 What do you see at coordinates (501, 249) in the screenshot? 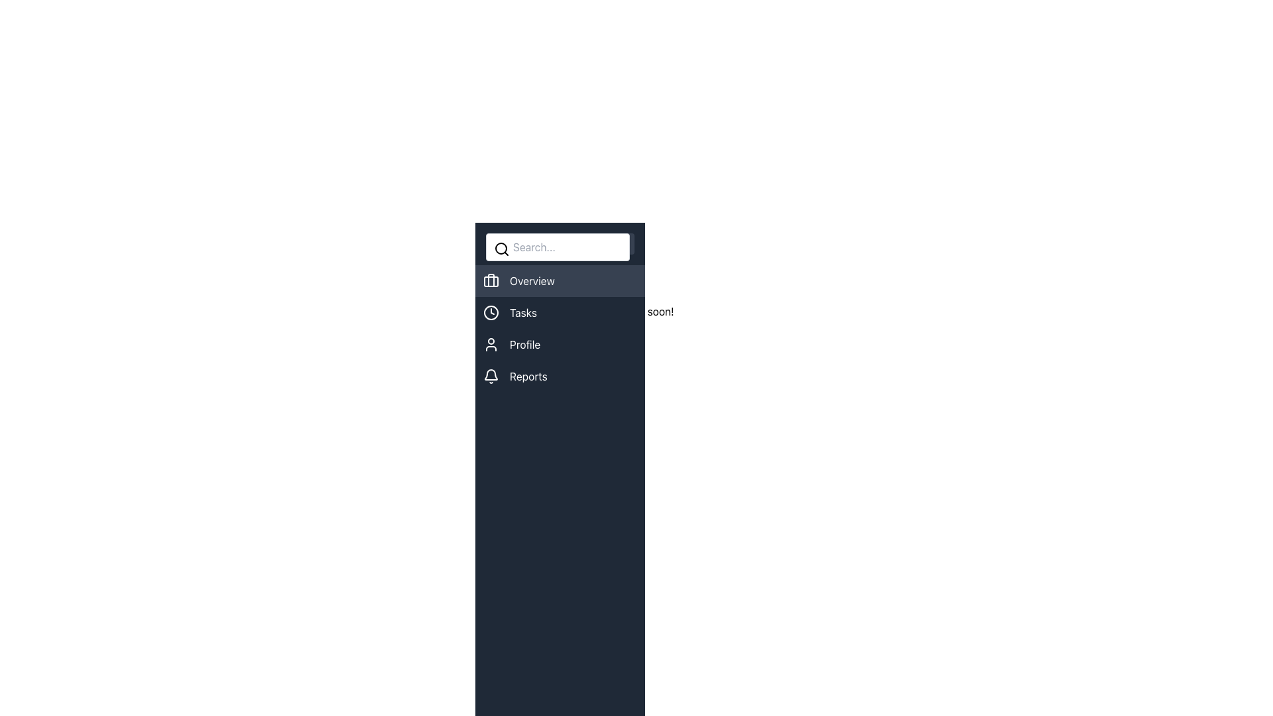
I see `the search icon located to the immediate left of the text input field with the placeholder text 'Search...'` at bounding box center [501, 249].